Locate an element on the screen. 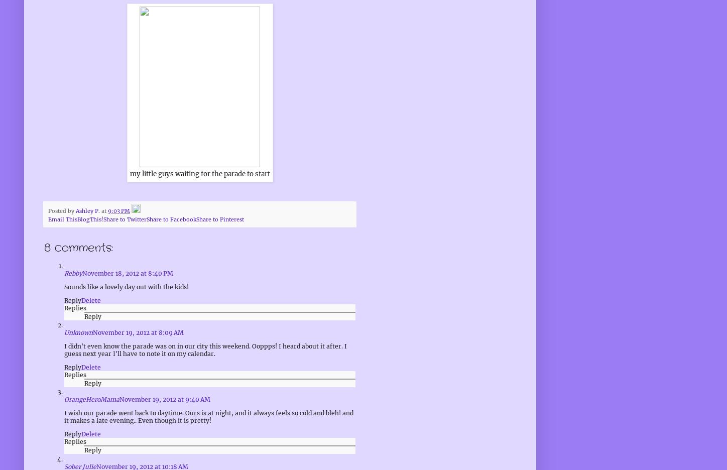 The height and width of the screenshot is (470, 727). 'Sounds like a lovely day out with the kids!' is located at coordinates (126, 286).